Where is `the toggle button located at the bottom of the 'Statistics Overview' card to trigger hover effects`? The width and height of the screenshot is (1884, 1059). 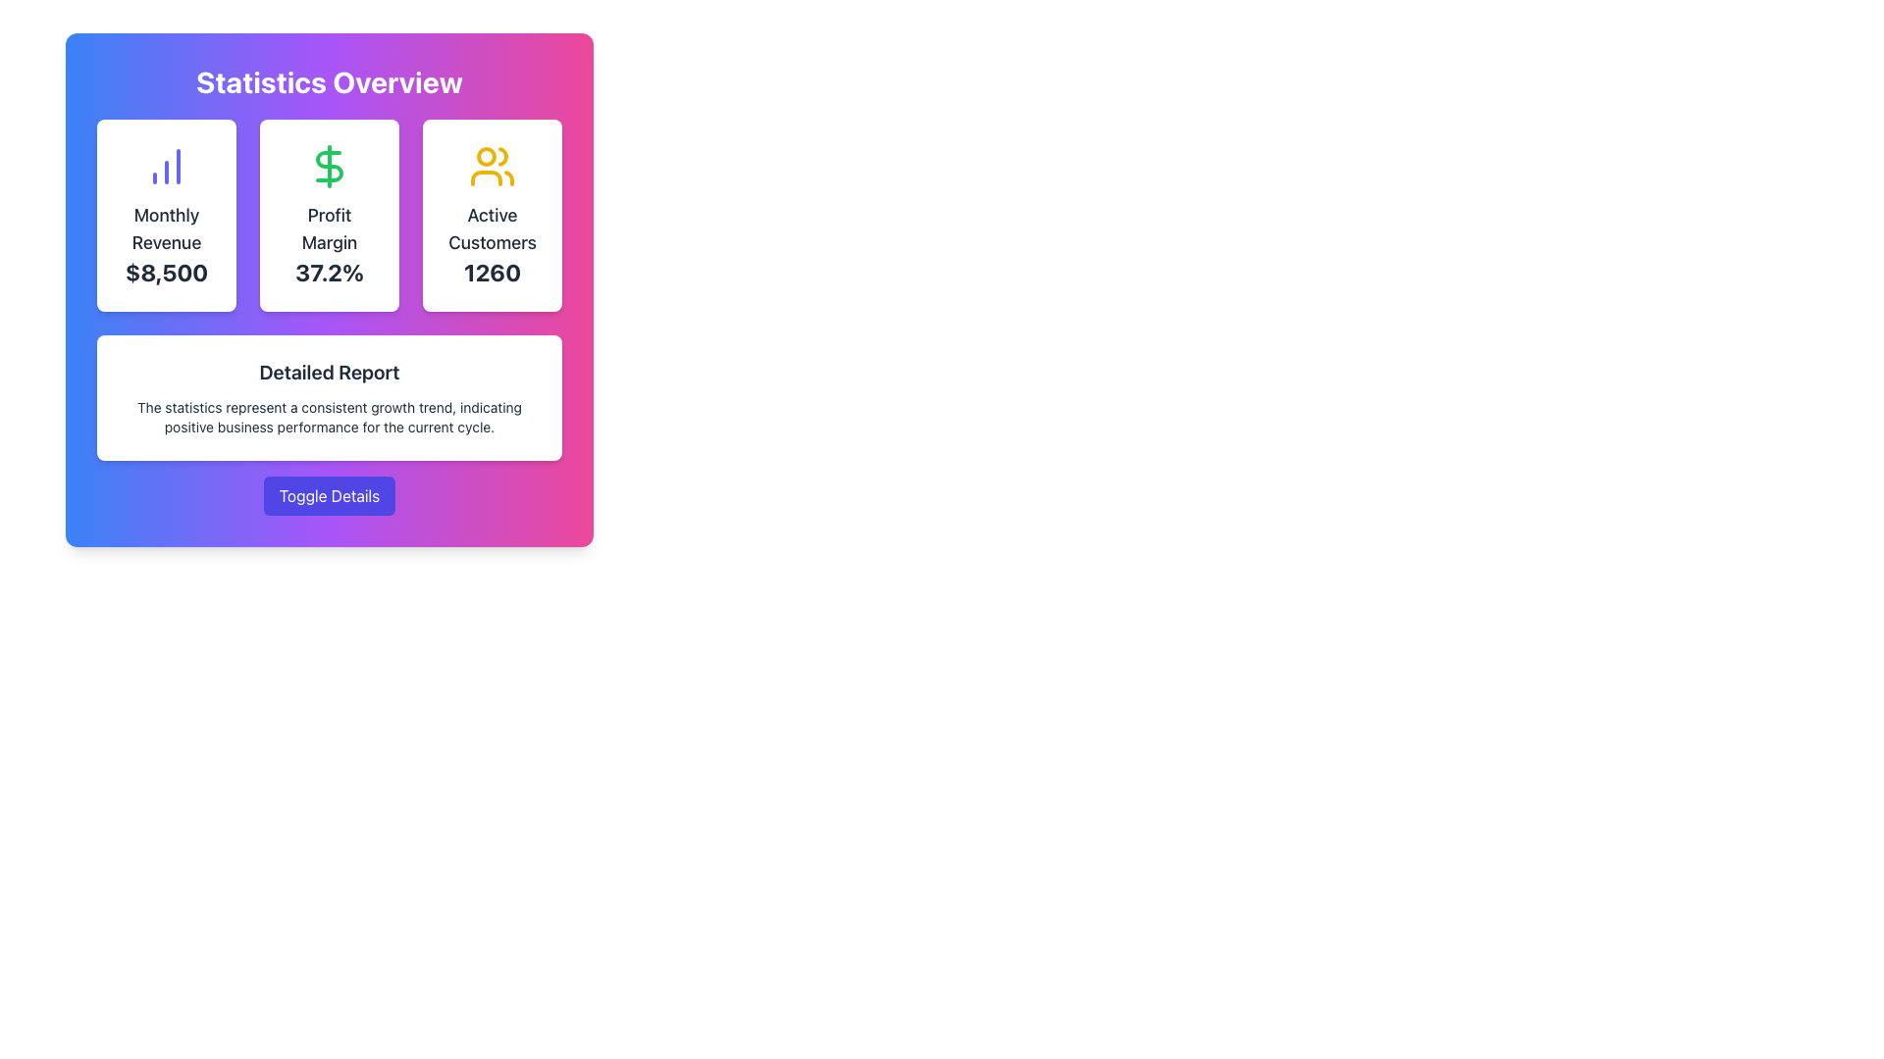
the toggle button located at the bottom of the 'Statistics Overview' card to trigger hover effects is located at coordinates (330, 494).